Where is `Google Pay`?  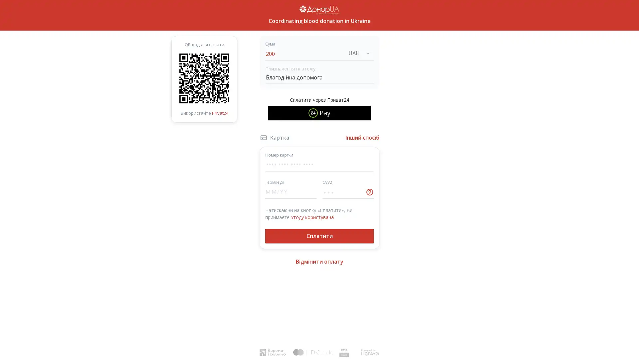
Google Pay is located at coordinates (319, 133).